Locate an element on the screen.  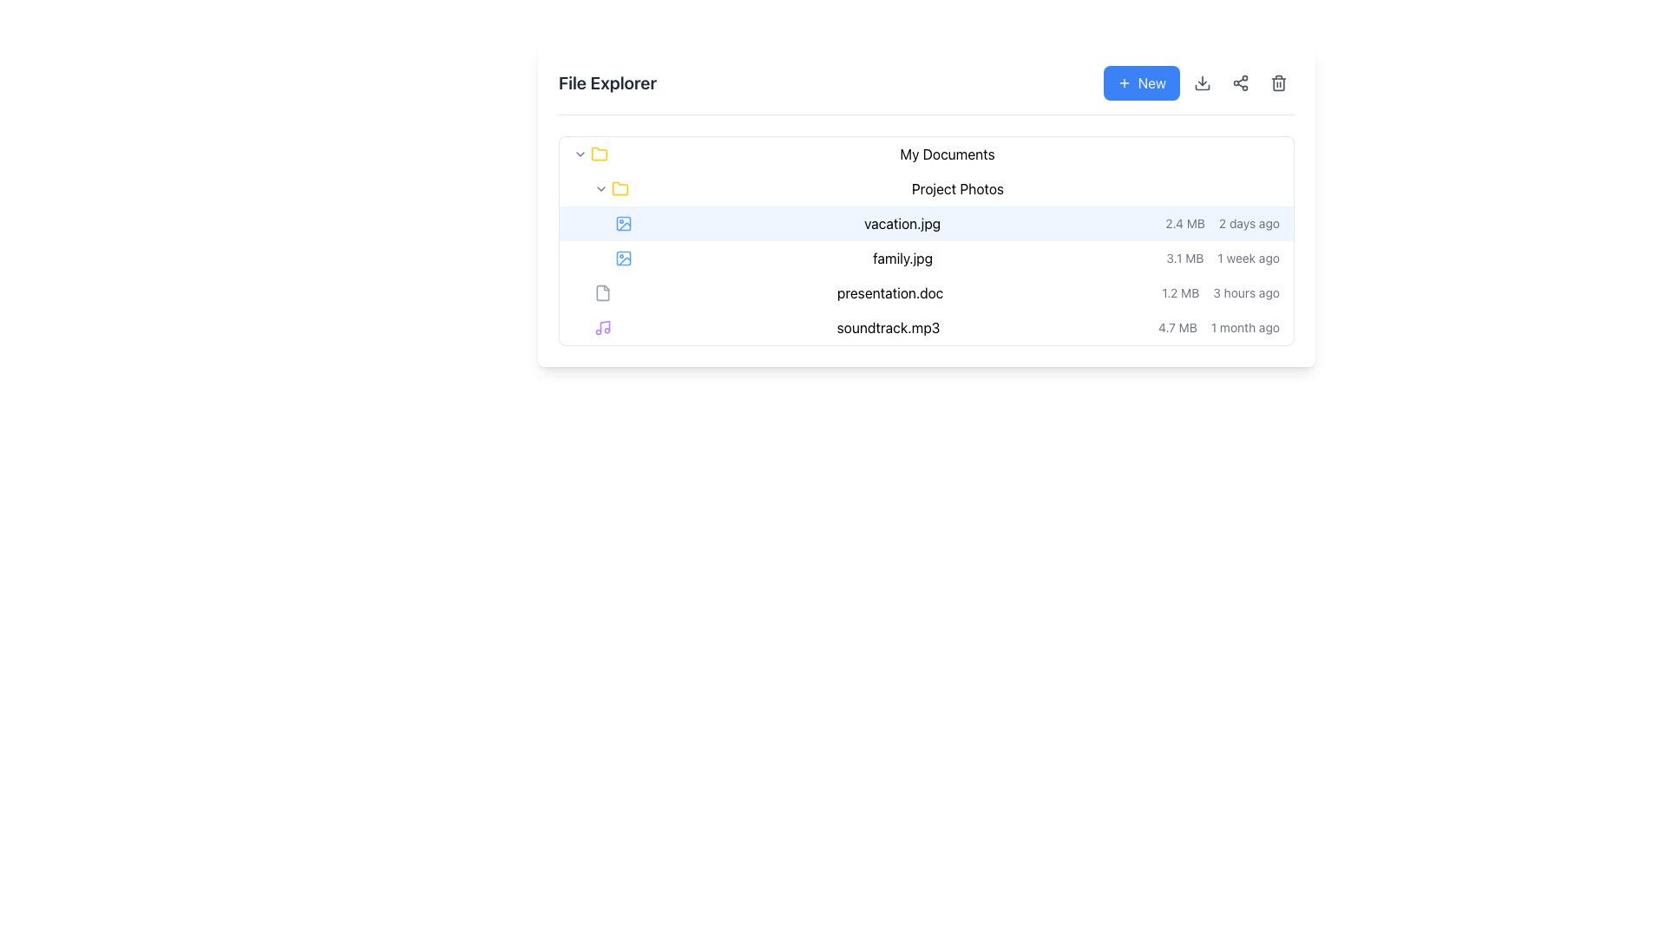
the text label displaying the file name in the file explorer interface is located at coordinates (902, 223).